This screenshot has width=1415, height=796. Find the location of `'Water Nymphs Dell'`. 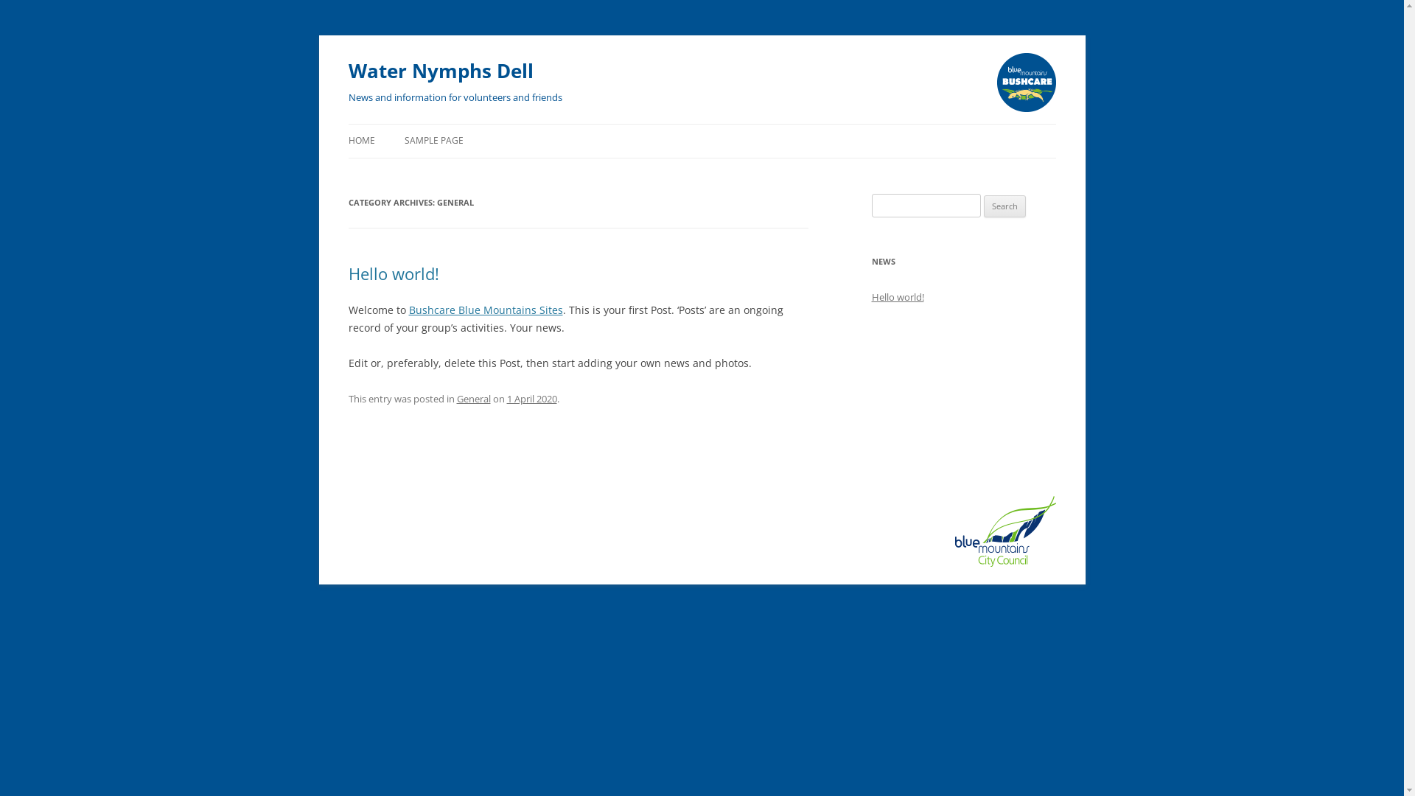

'Water Nymphs Dell' is located at coordinates (439, 71).